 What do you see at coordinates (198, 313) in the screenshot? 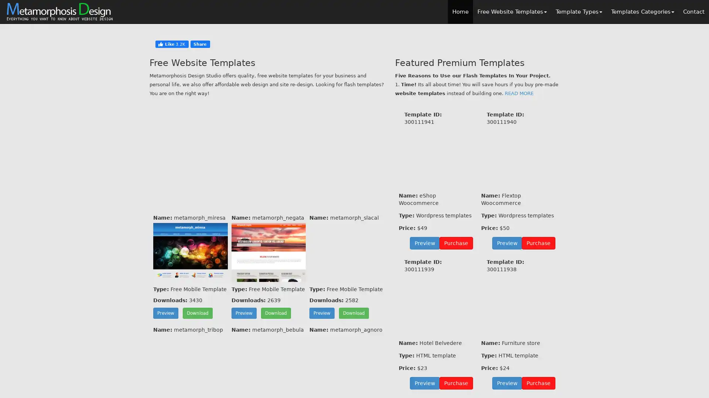
I see `Download` at bounding box center [198, 313].